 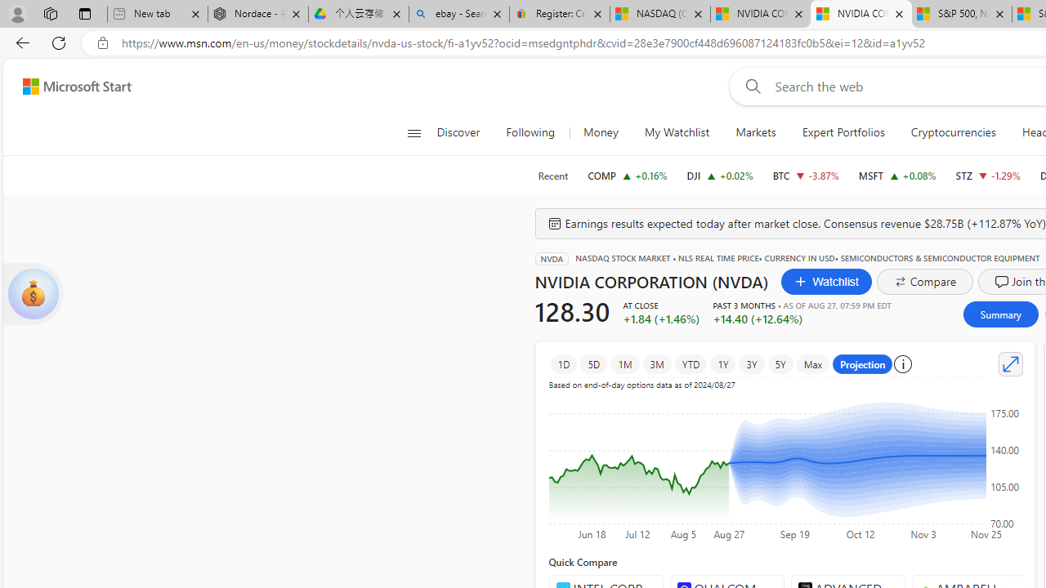 What do you see at coordinates (624, 363) in the screenshot?
I see `'1M'` at bounding box center [624, 363].